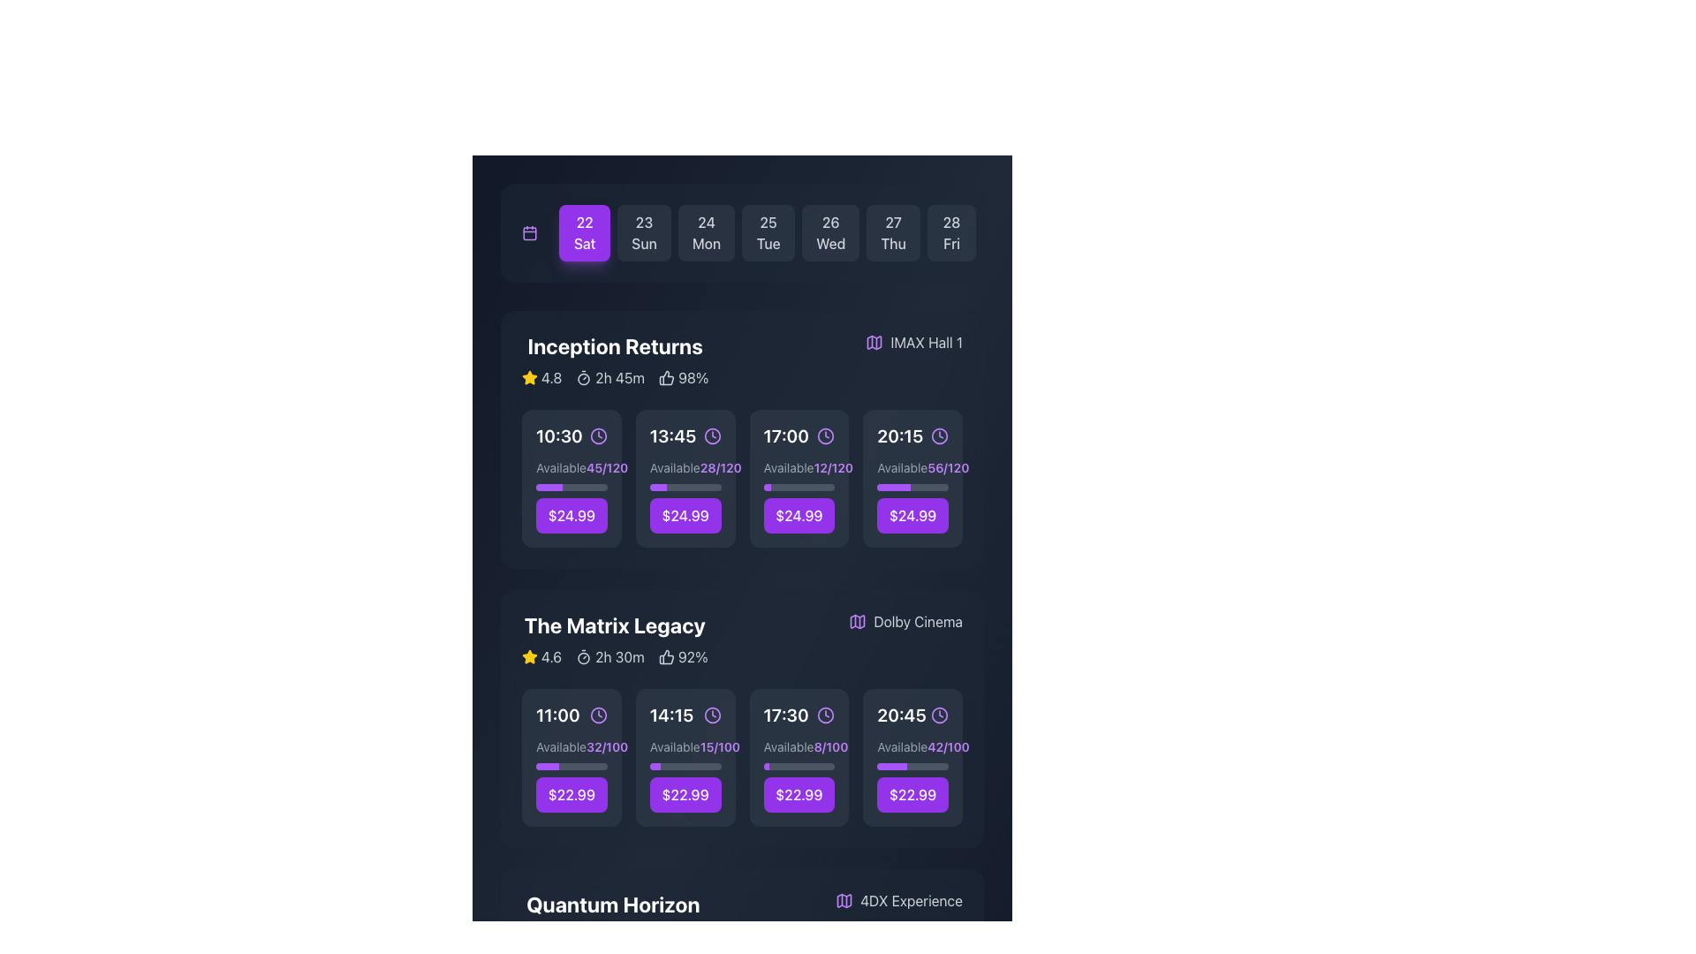 The height and width of the screenshot is (954, 1696). What do you see at coordinates (670, 715) in the screenshot?
I see `the text label displaying the movie screening time '14:15', which is the second time slot for 'The Matrix Legacy', positioned between '11:00' and '17:30'` at bounding box center [670, 715].